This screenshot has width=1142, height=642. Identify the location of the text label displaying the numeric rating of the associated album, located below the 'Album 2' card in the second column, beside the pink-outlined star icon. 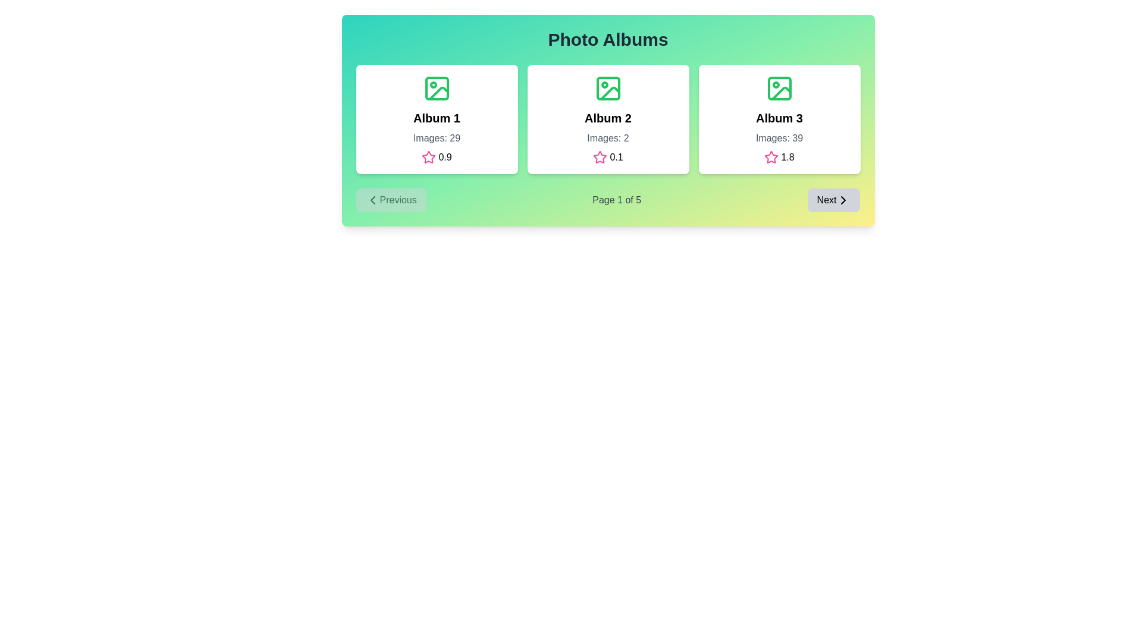
(616, 157).